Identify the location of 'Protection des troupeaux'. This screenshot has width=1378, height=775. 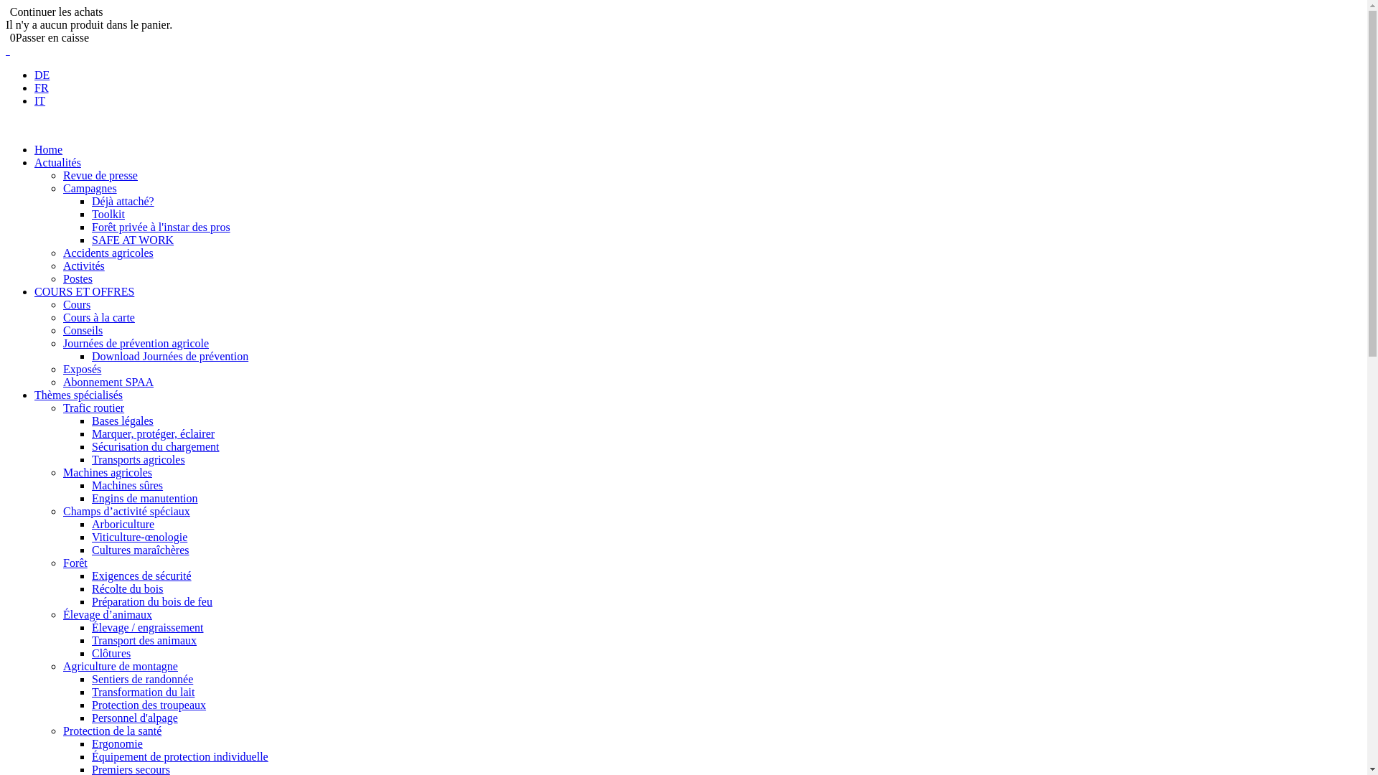
(149, 704).